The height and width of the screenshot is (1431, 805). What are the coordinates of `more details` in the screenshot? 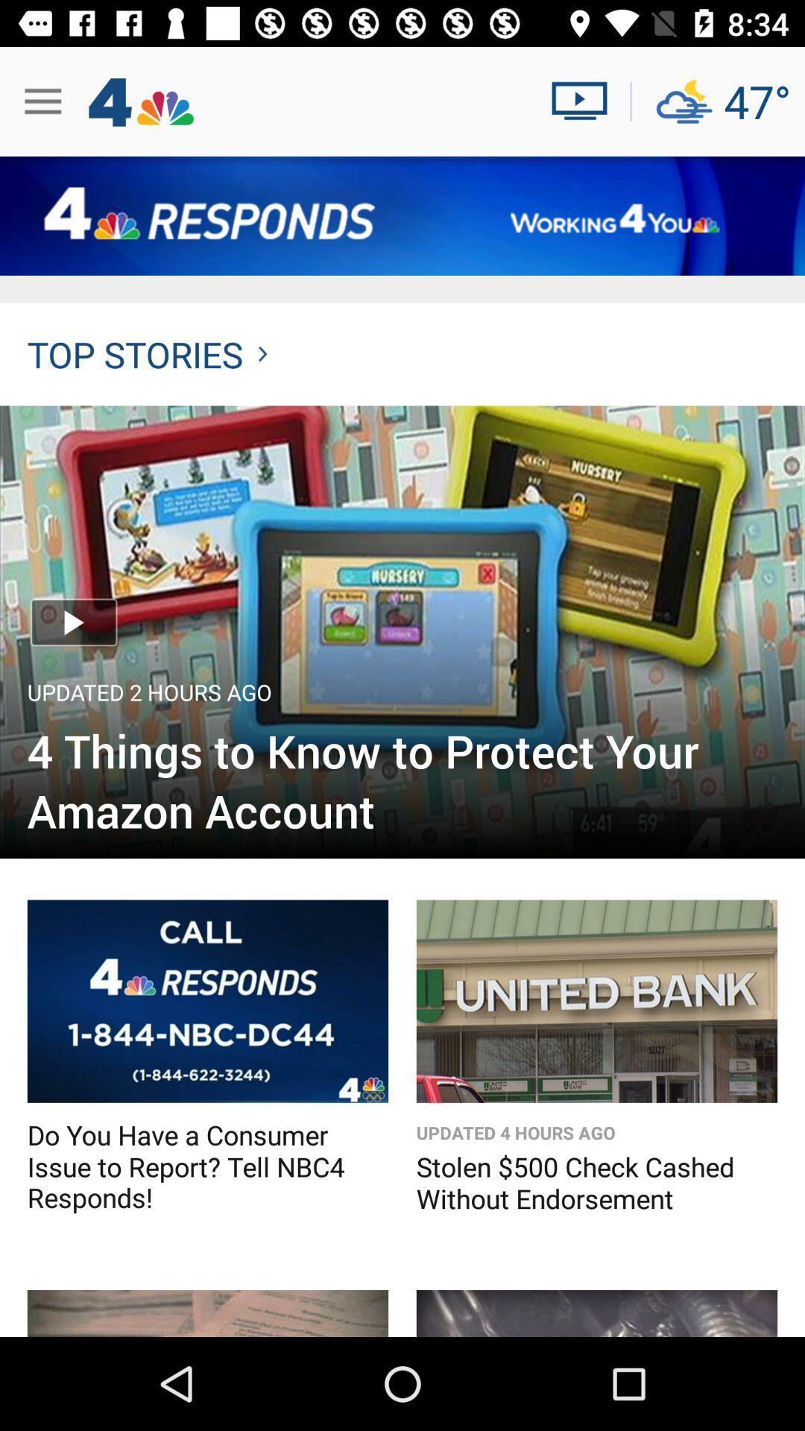 It's located at (207, 1001).